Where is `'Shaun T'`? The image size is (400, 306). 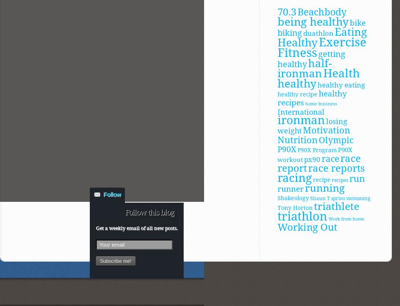
'Shaun T' is located at coordinates (320, 197).